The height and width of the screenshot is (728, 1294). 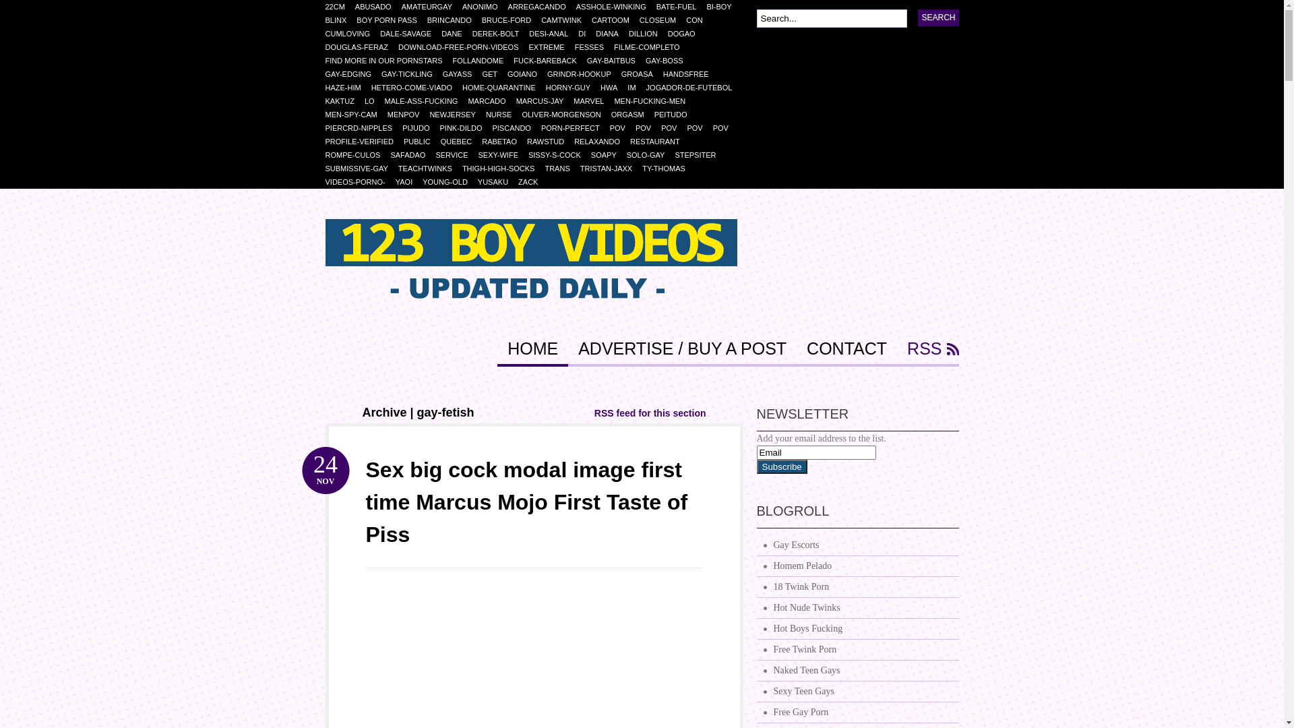 What do you see at coordinates (517, 182) in the screenshot?
I see `'ZACK'` at bounding box center [517, 182].